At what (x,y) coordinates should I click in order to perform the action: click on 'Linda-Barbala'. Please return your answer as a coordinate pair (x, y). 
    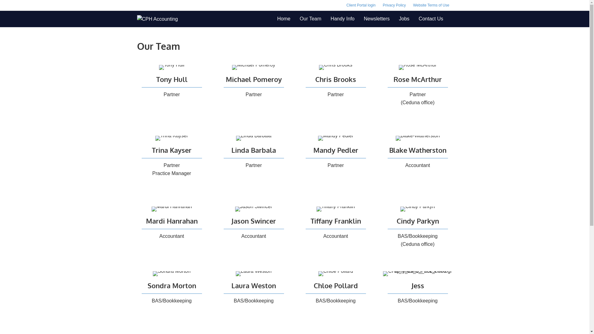
    Looking at the image, I should click on (254, 138).